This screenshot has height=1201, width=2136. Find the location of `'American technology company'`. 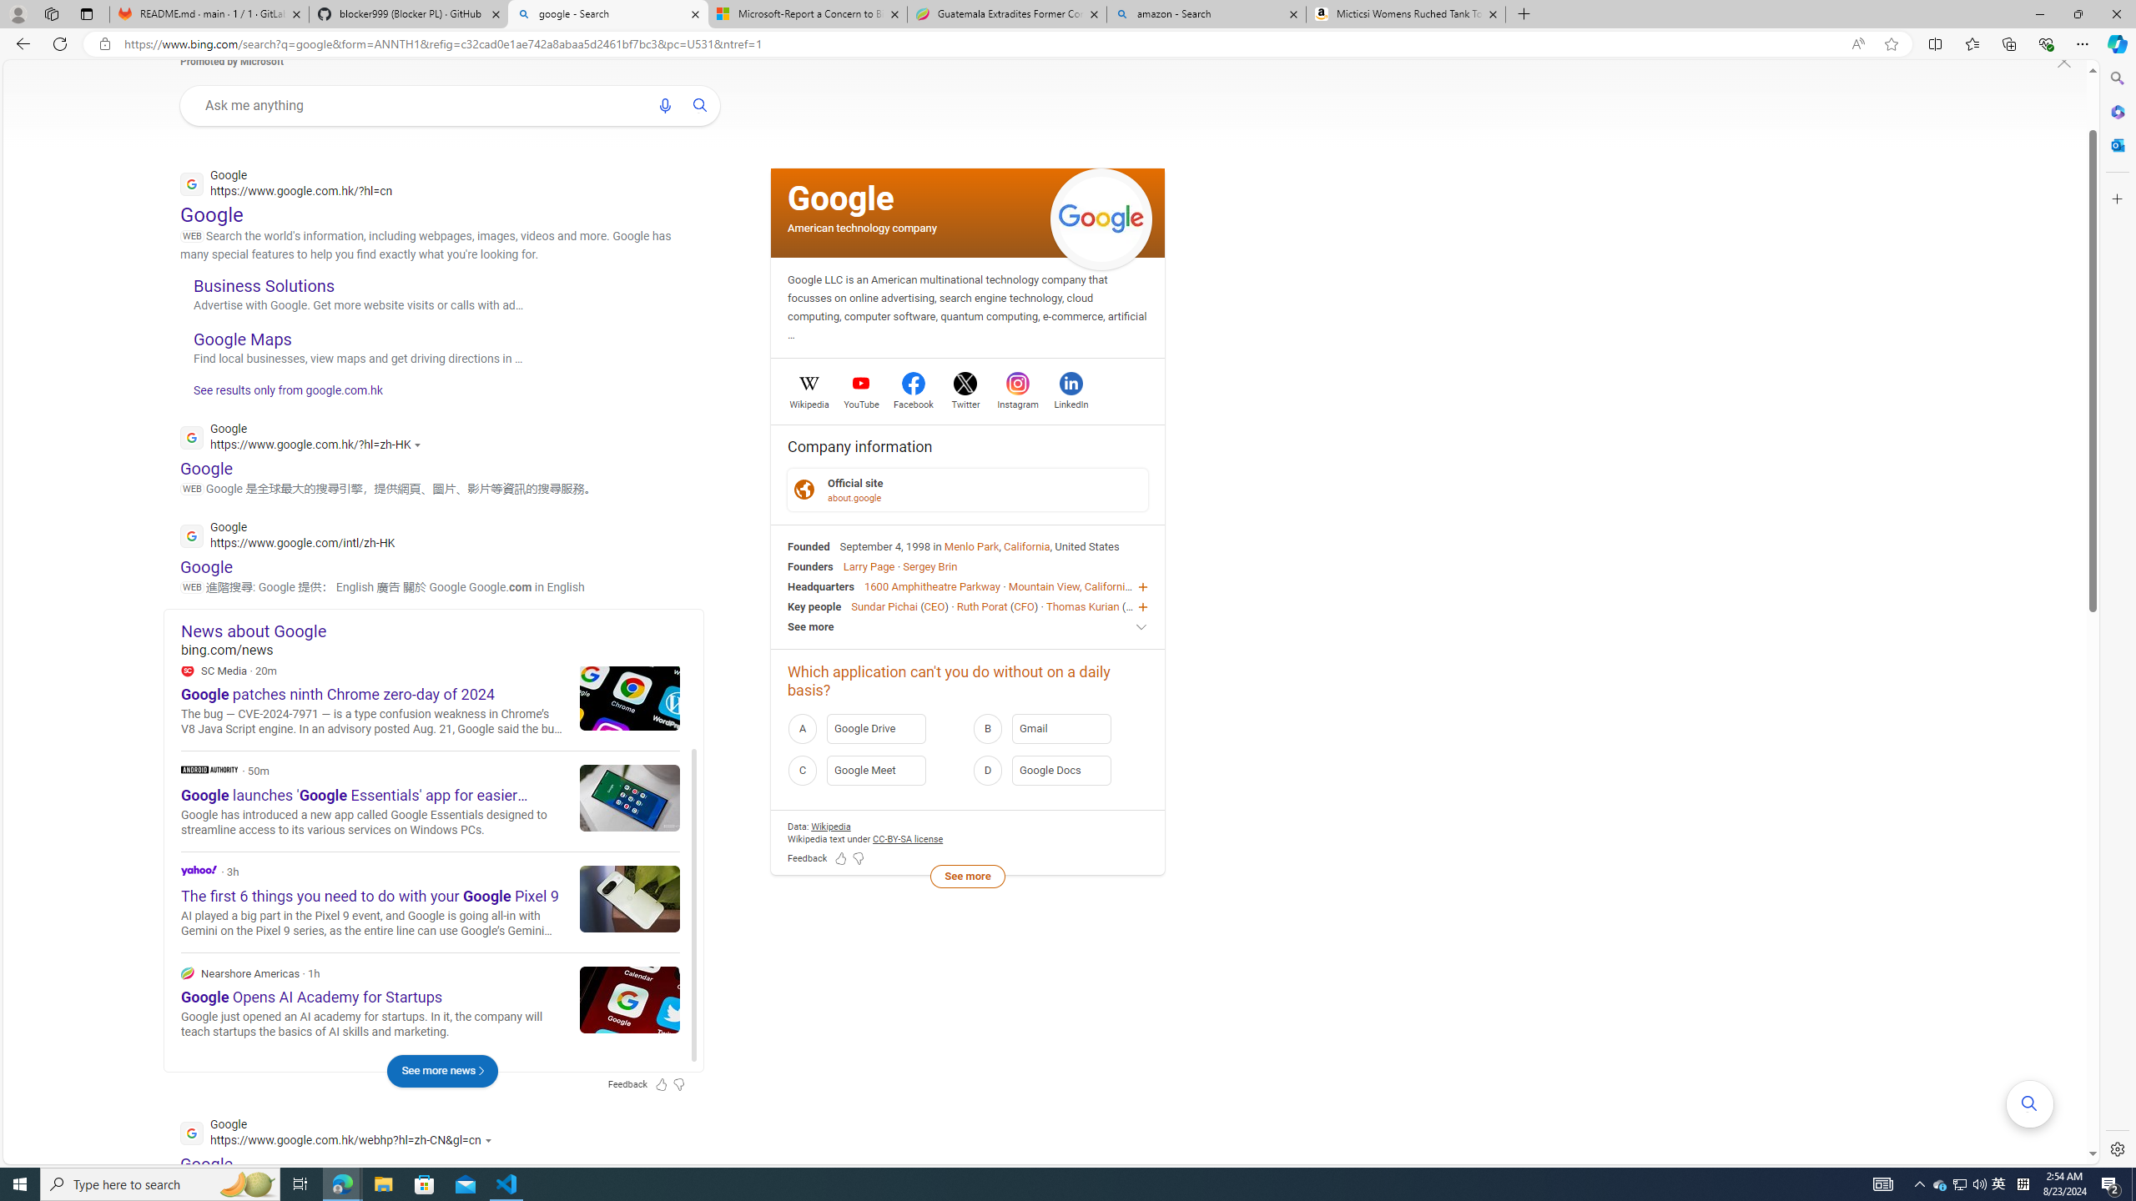

'American technology company' is located at coordinates (863, 226).